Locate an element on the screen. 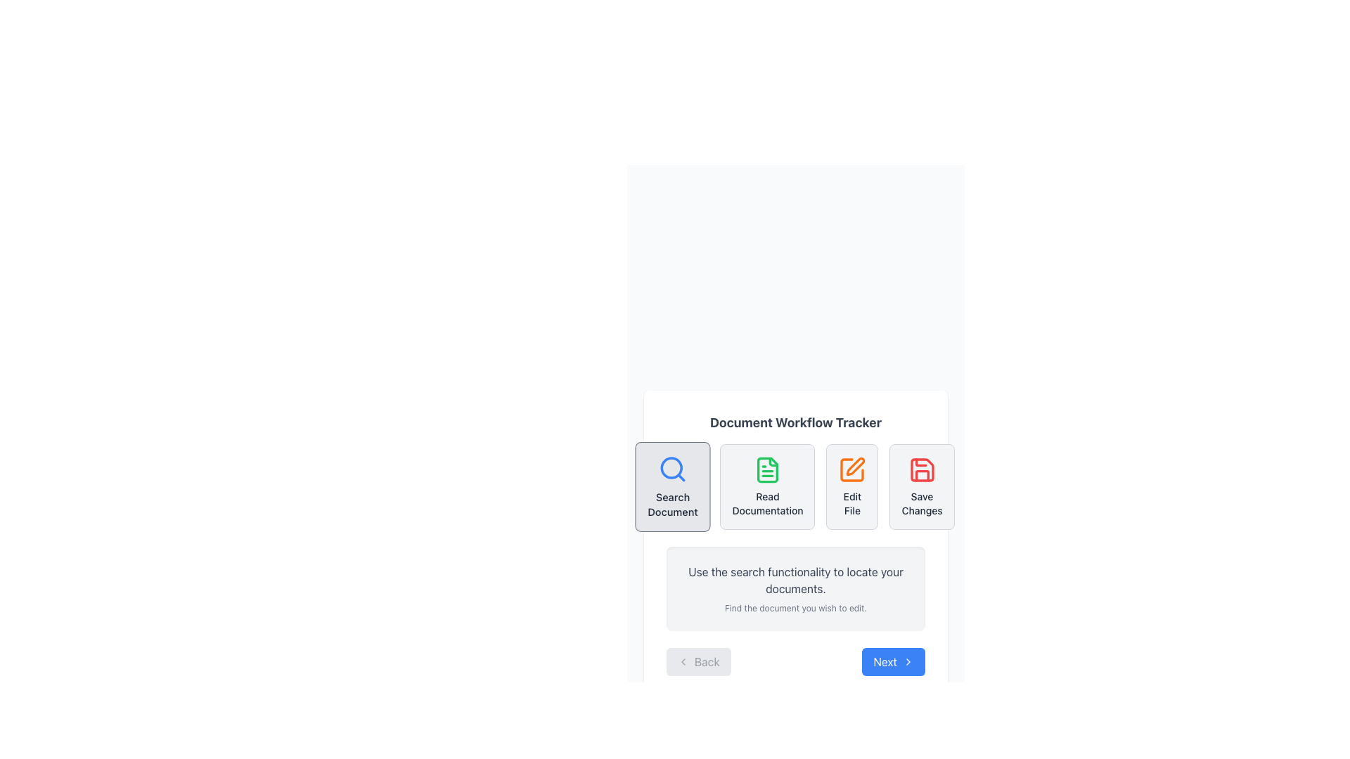  the 'Read Documentation' button, which is the second button in a row of four, featuring a green document icon and centered text on a light gray background is located at coordinates (766, 486).